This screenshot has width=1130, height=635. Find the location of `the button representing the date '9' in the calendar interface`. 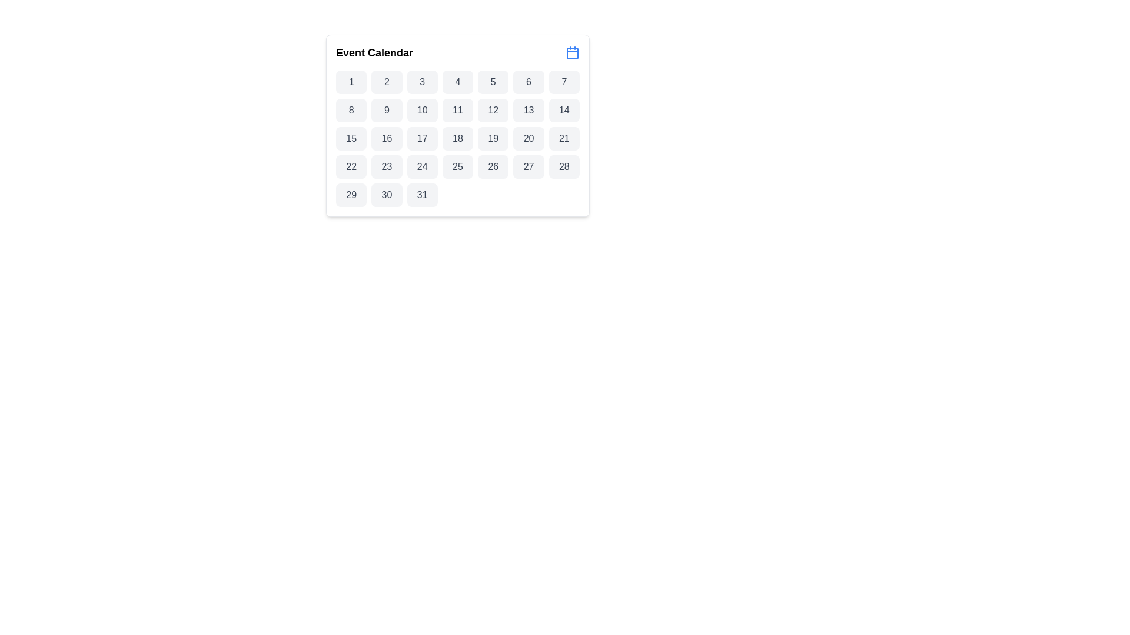

the button representing the date '9' in the calendar interface is located at coordinates (387, 111).